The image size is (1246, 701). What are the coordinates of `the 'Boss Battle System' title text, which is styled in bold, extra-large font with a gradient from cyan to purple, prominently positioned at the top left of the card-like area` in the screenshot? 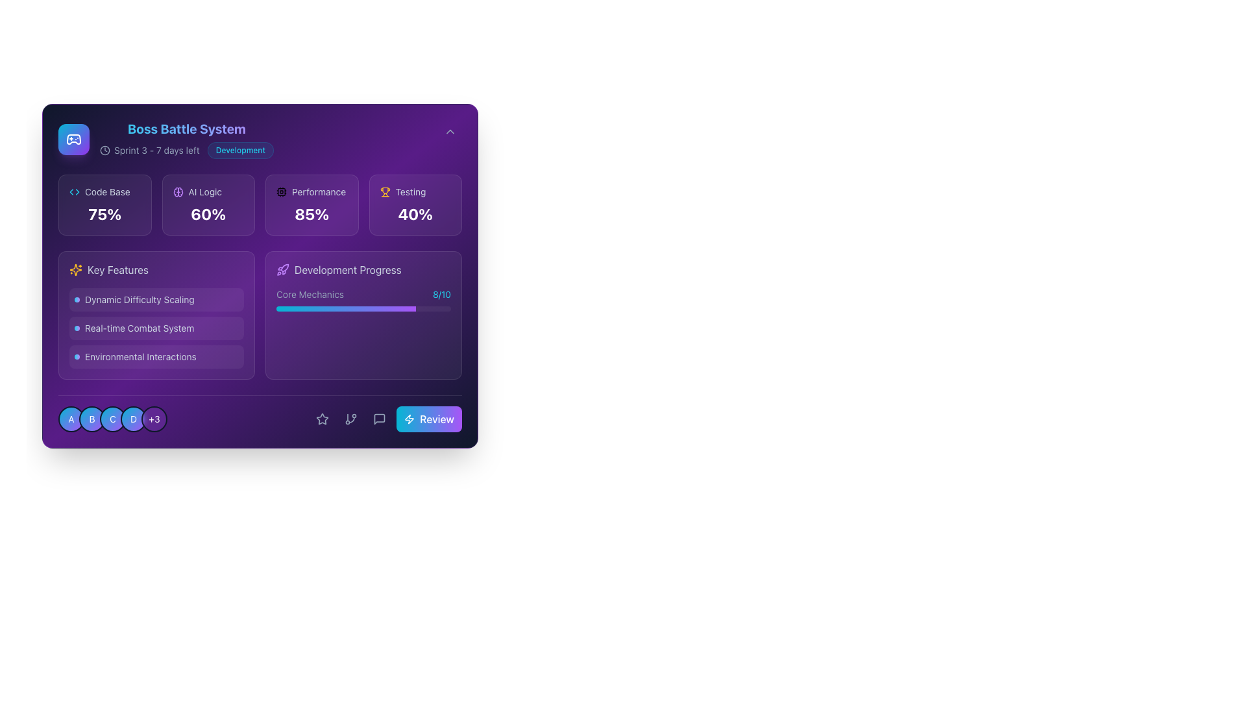 It's located at (186, 129).